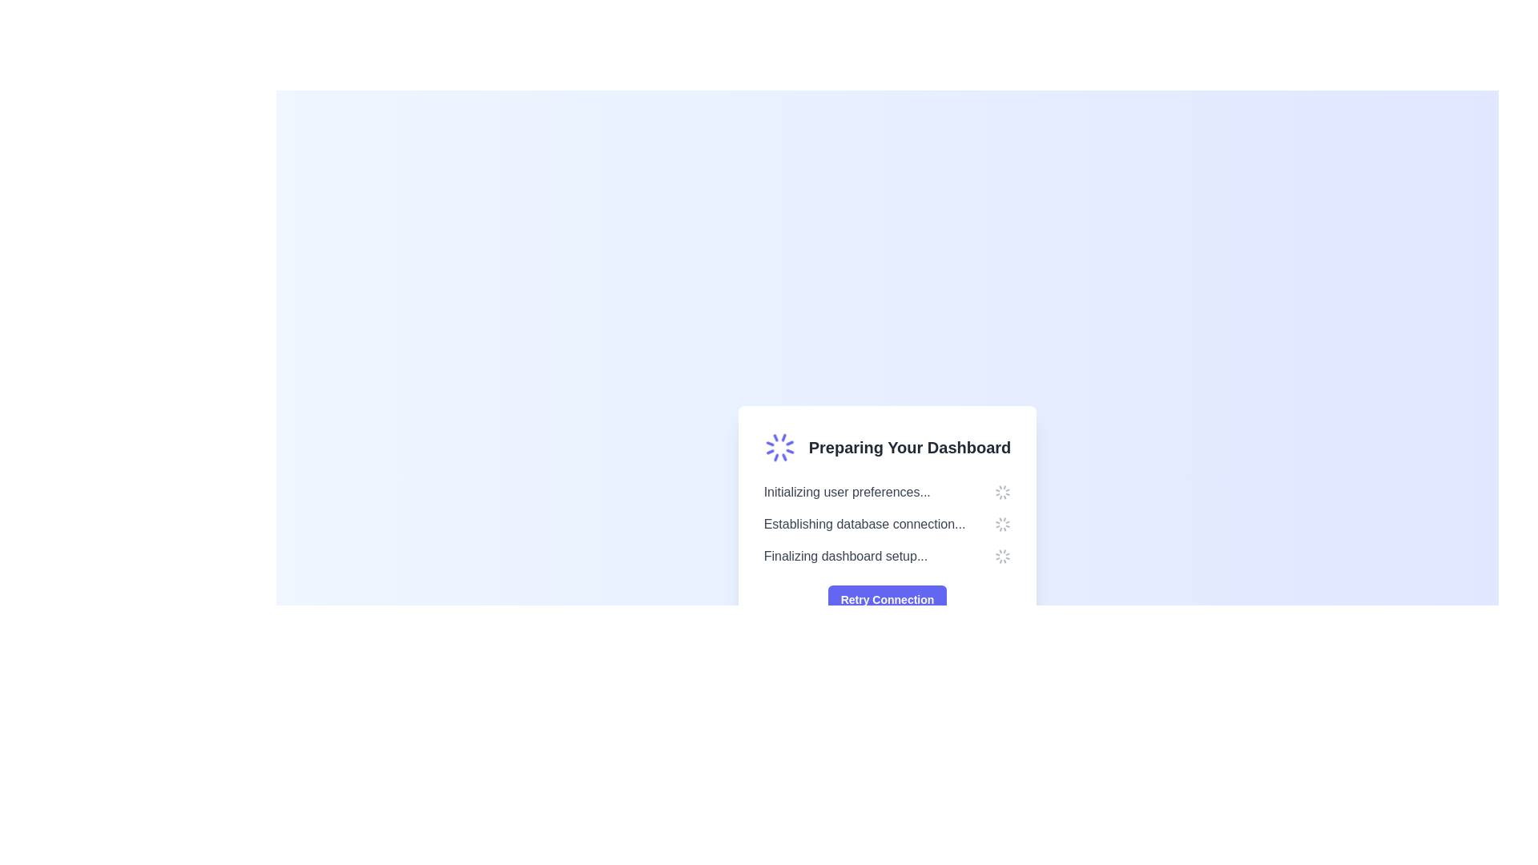 This screenshot has height=865, width=1538. What do you see at coordinates (887, 525) in the screenshot?
I see `the text-based status indicator displaying three lines of text with a spinning loader icon` at bounding box center [887, 525].